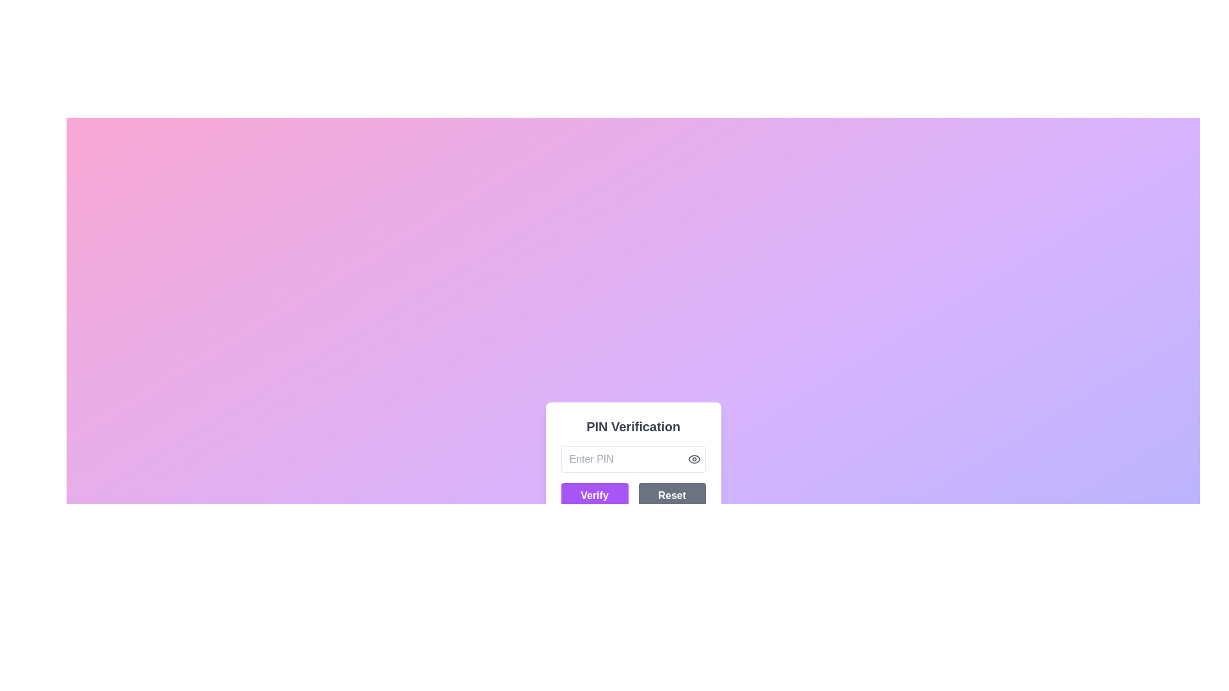  Describe the element at coordinates (671, 495) in the screenshot. I see `the reset button in the PIN Verification dialog box` at that location.